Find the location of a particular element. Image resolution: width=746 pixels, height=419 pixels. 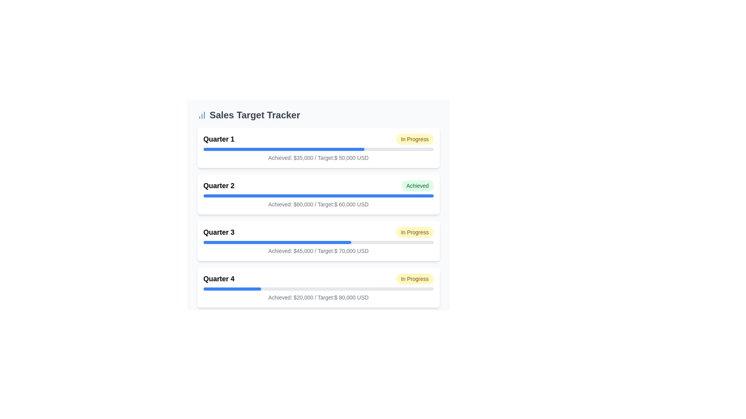

the Progress Indicator for 'Quarter 4', which is a narrow rectangular bar filled with solid blue color, positioned within a larger gray rounded bar is located at coordinates (232, 289).